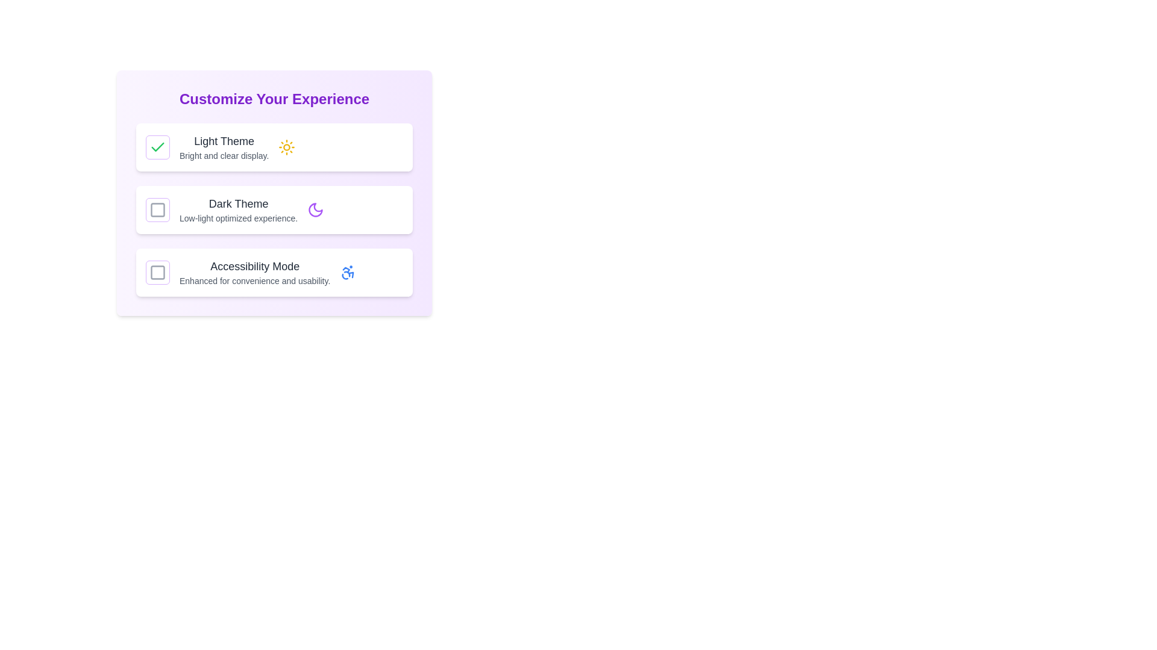 The height and width of the screenshot is (650, 1157). Describe the element at coordinates (239, 203) in the screenshot. I see `the text label reading 'Dark Theme', which is a medium-bold title within the 'Customize Your Experience' section, positioned above the subtitle 'Low-light optimized experience'` at that location.